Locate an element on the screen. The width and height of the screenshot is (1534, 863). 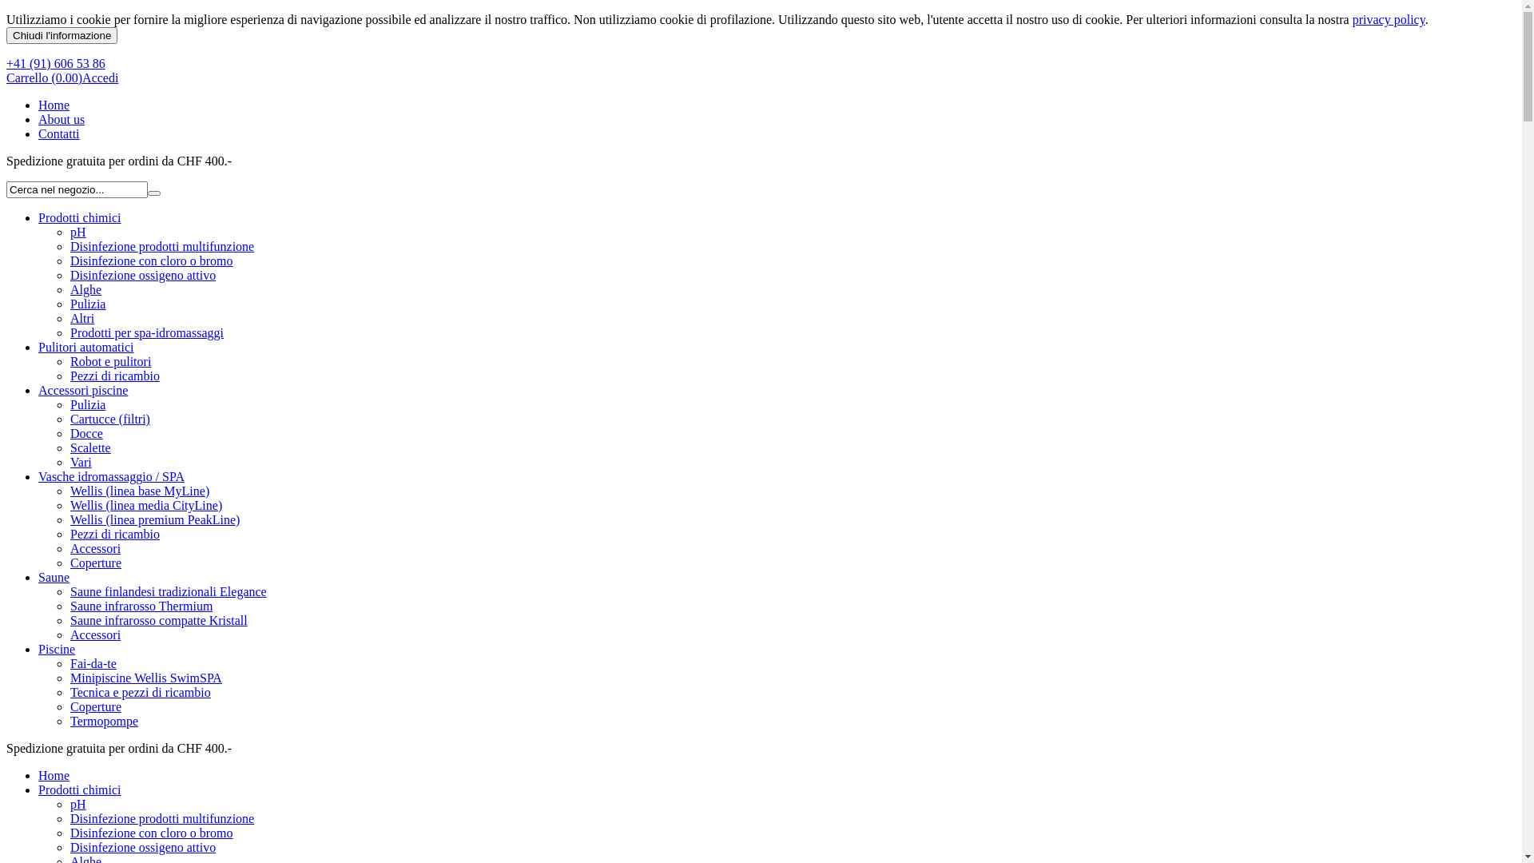
'Pulitori automatici' is located at coordinates (85, 346).